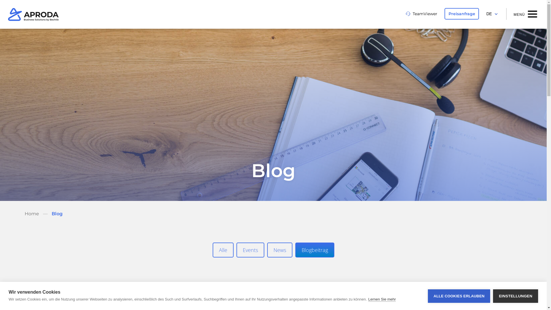  What do you see at coordinates (57, 214) in the screenshot?
I see `'Blog'` at bounding box center [57, 214].